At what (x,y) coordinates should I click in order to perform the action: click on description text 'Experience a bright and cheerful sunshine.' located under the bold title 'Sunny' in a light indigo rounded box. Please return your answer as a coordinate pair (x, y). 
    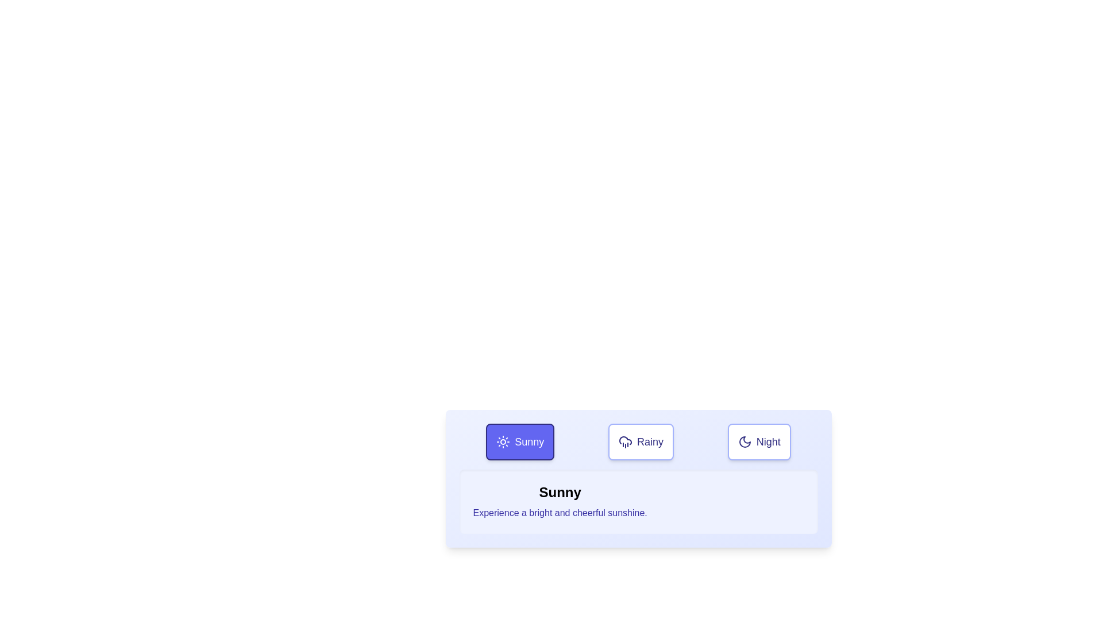
    Looking at the image, I should click on (560, 501).